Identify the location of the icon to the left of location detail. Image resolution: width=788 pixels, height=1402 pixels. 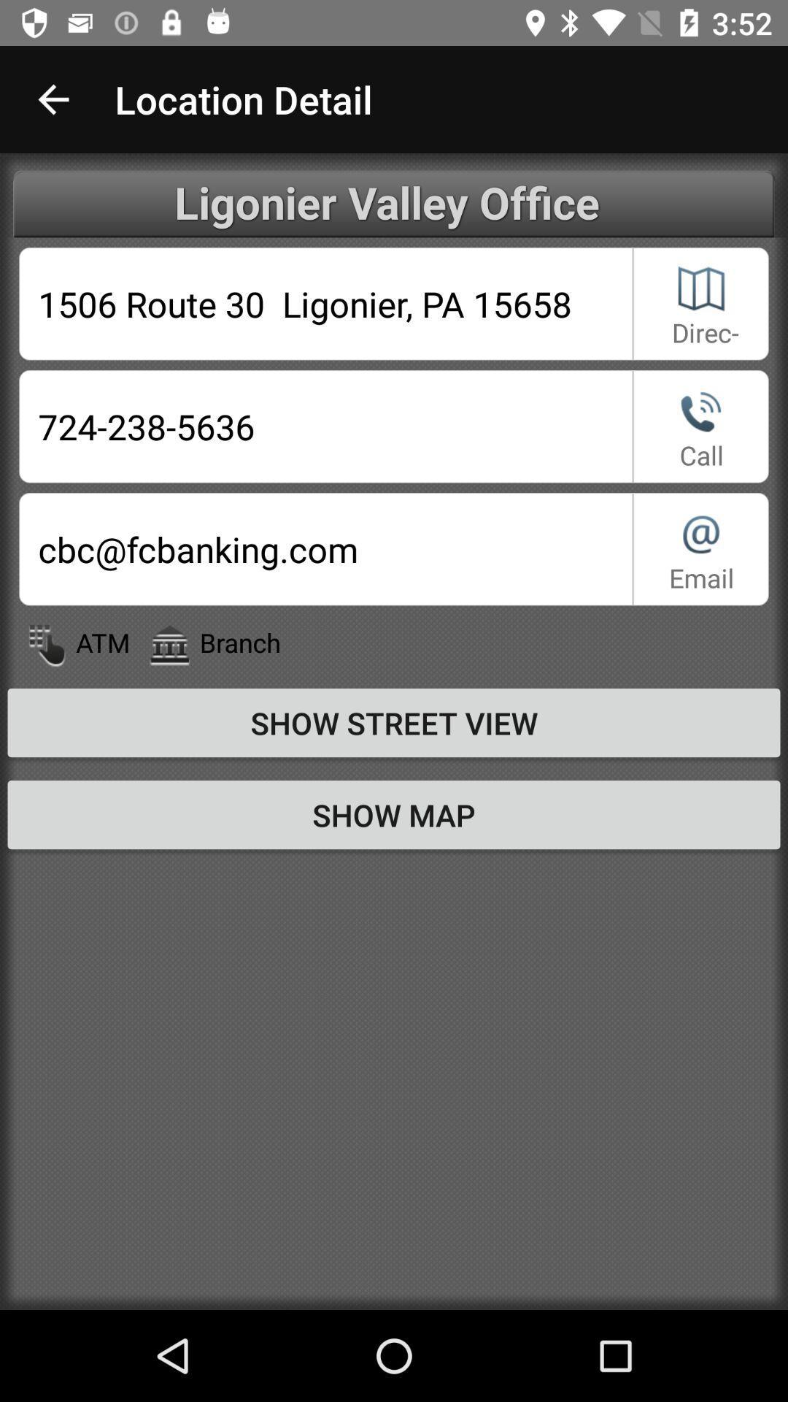
(53, 99).